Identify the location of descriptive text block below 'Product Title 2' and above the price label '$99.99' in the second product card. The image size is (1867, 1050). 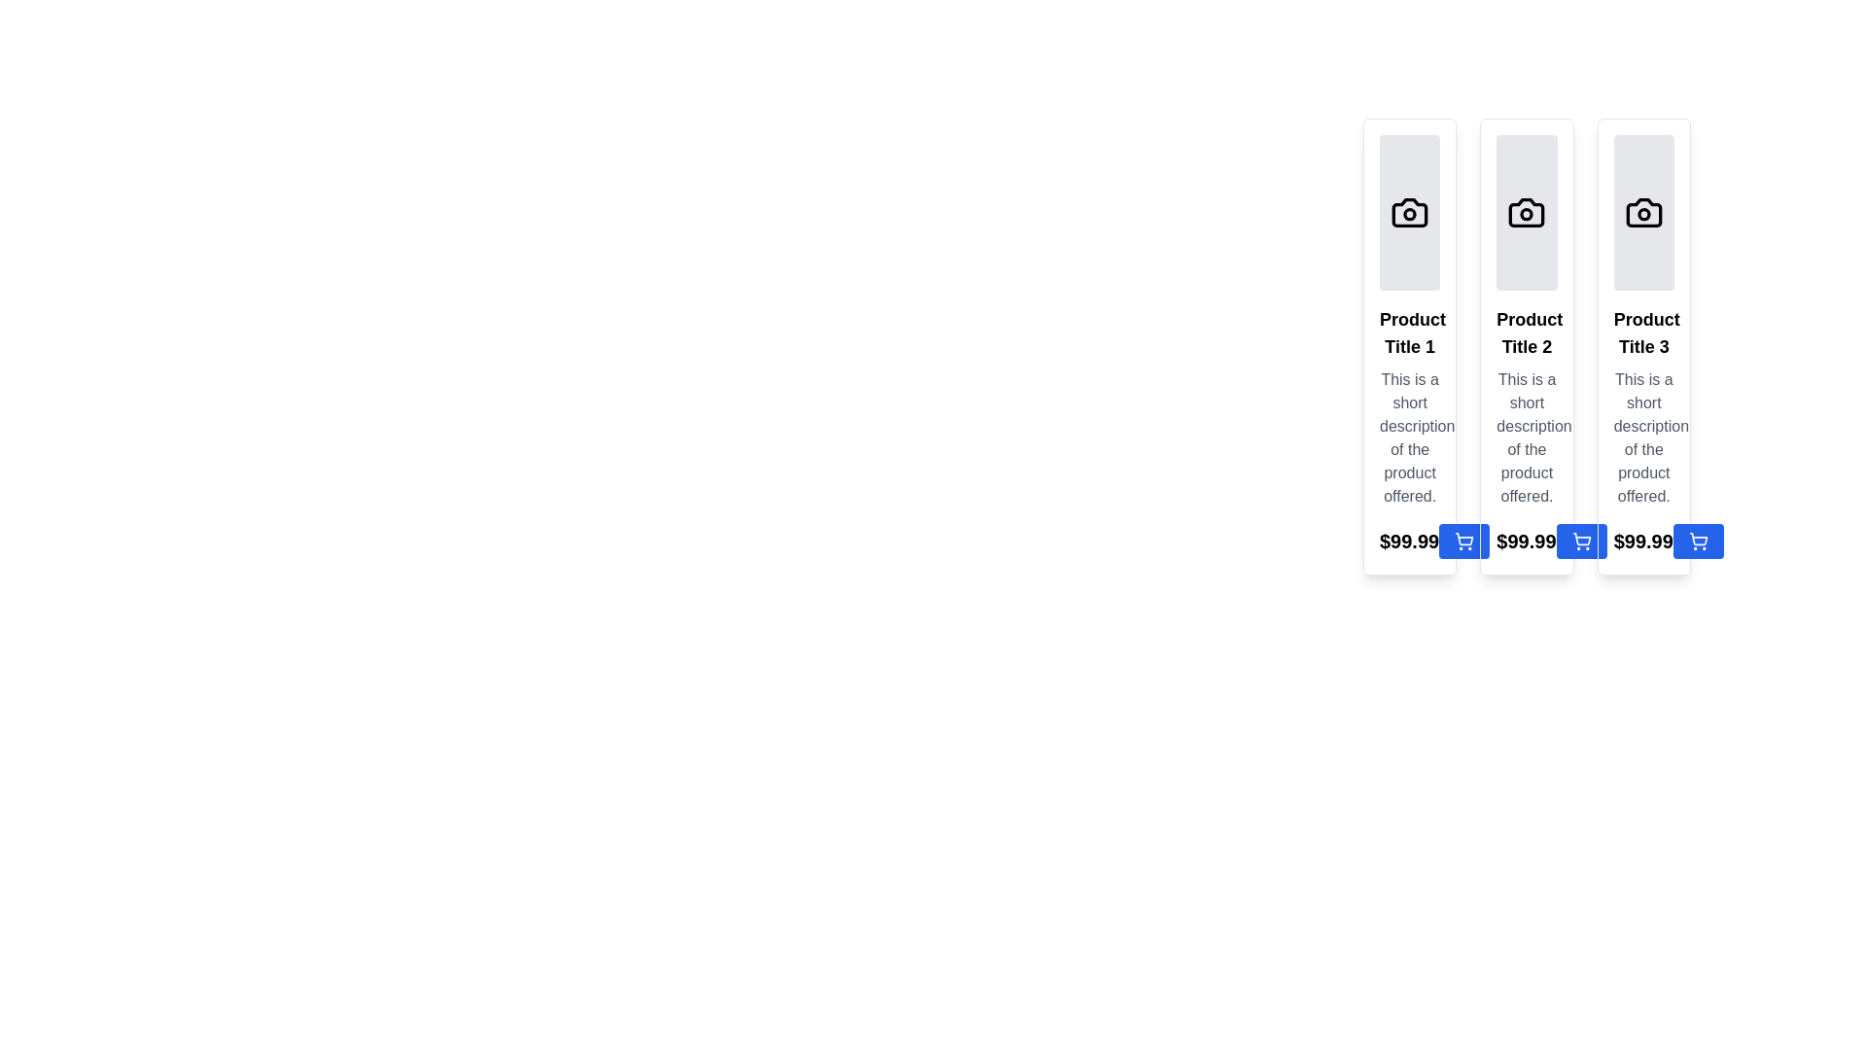
(1526, 438).